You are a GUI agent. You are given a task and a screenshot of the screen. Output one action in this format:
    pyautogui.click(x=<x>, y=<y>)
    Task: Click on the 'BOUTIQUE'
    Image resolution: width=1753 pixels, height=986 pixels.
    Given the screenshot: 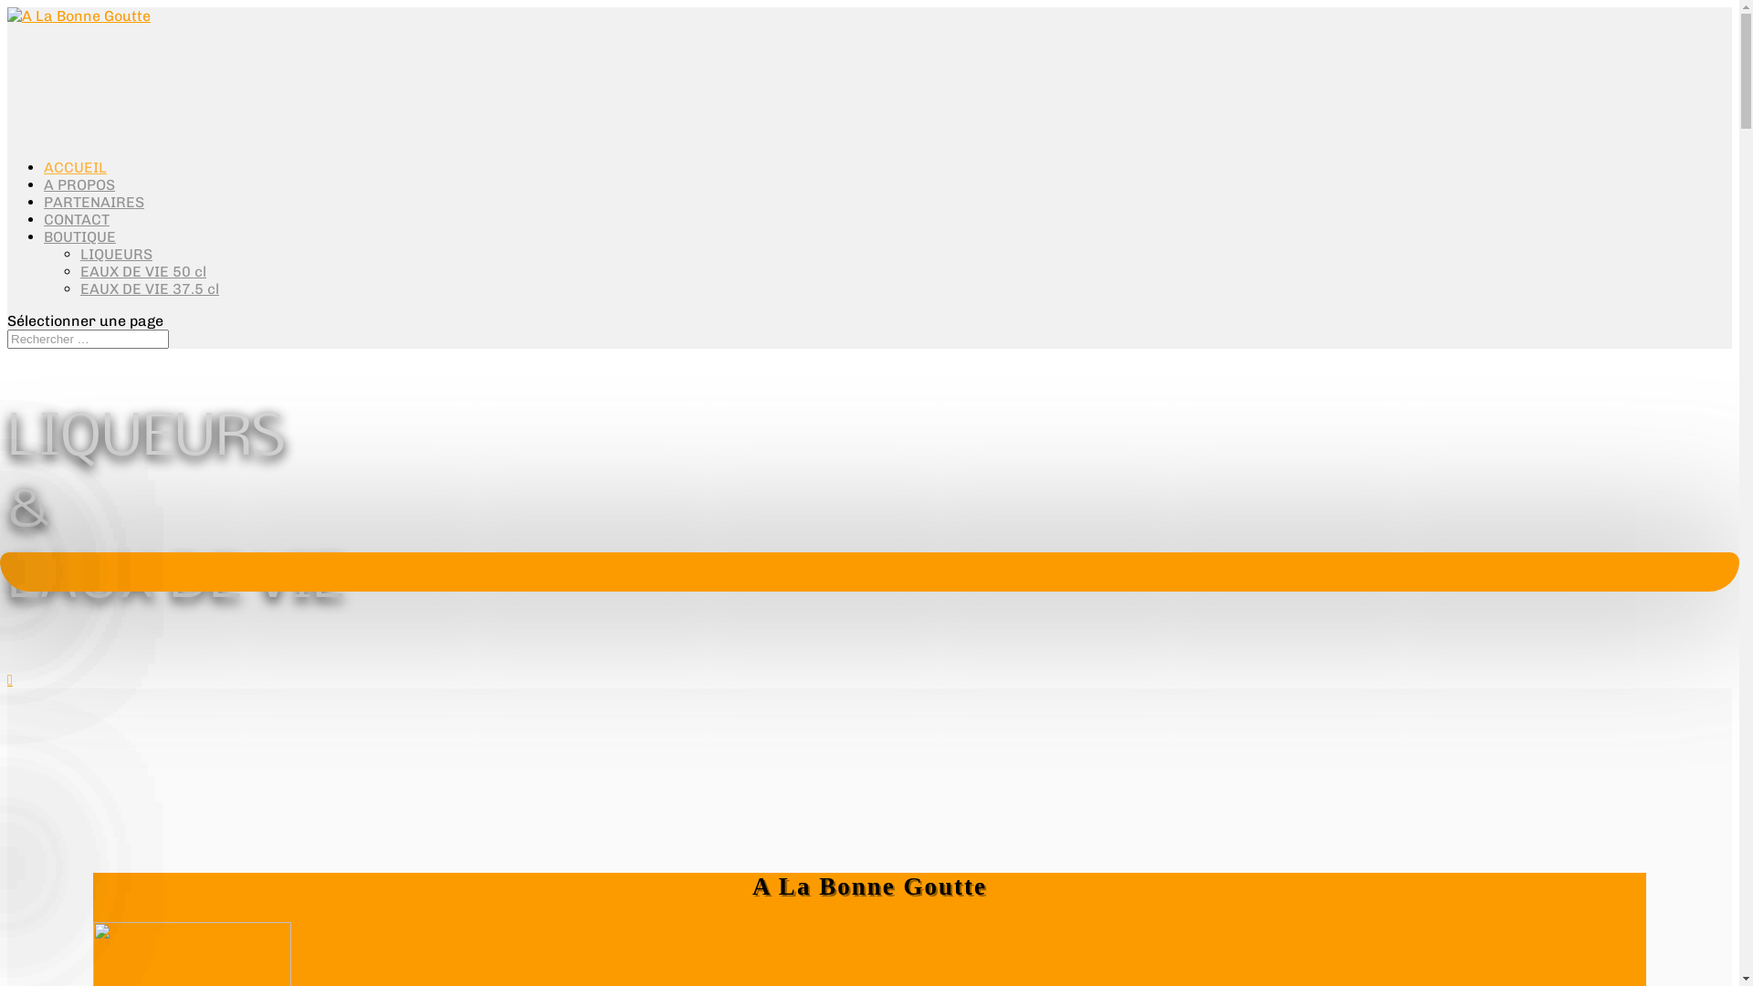 What is the action you would take?
    pyautogui.click(x=79, y=236)
    